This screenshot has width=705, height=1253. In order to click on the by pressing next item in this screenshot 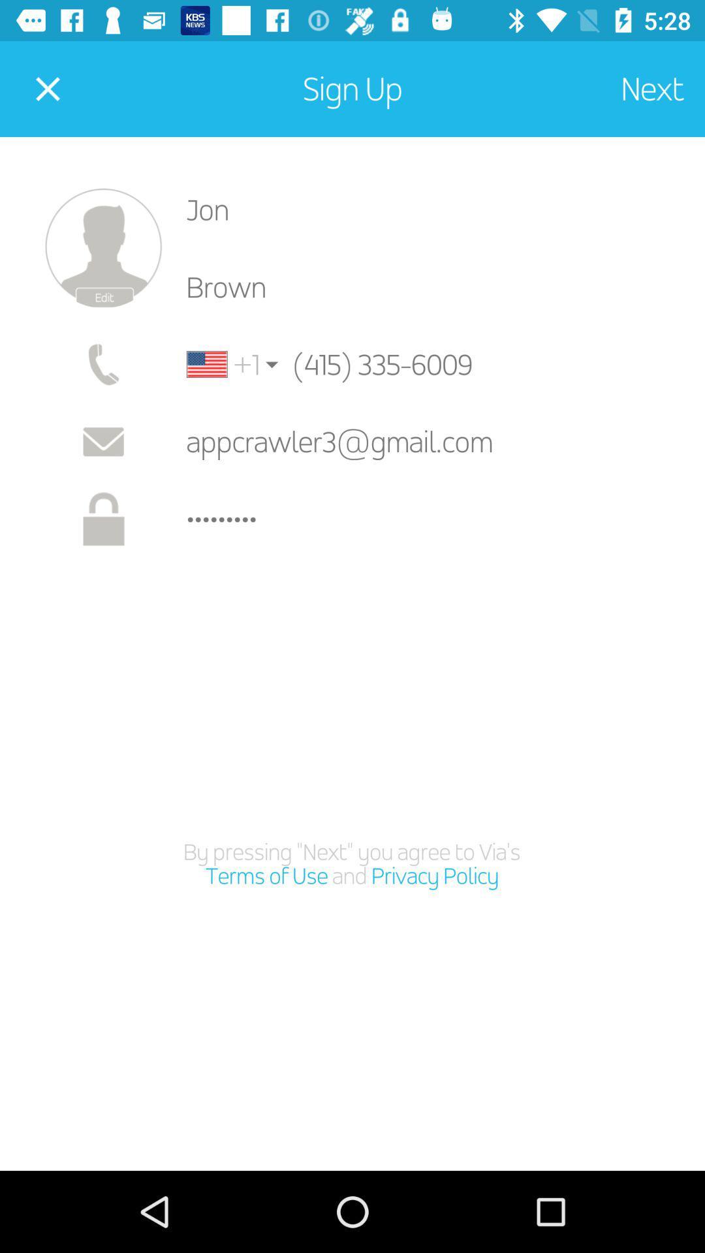, I will do `click(351, 864)`.